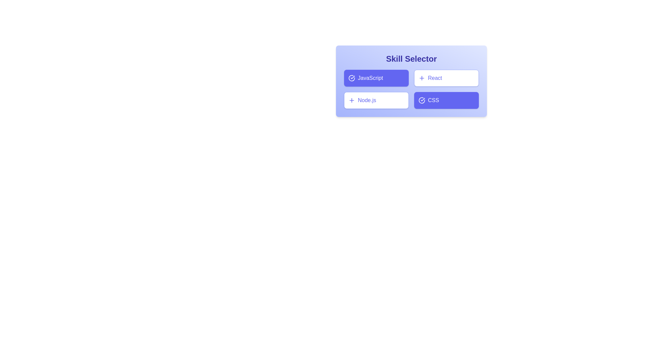 The image size is (647, 364). What do you see at coordinates (376, 78) in the screenshot?
I see `the skill card for JavaScript` at bounding box center [376, 78].